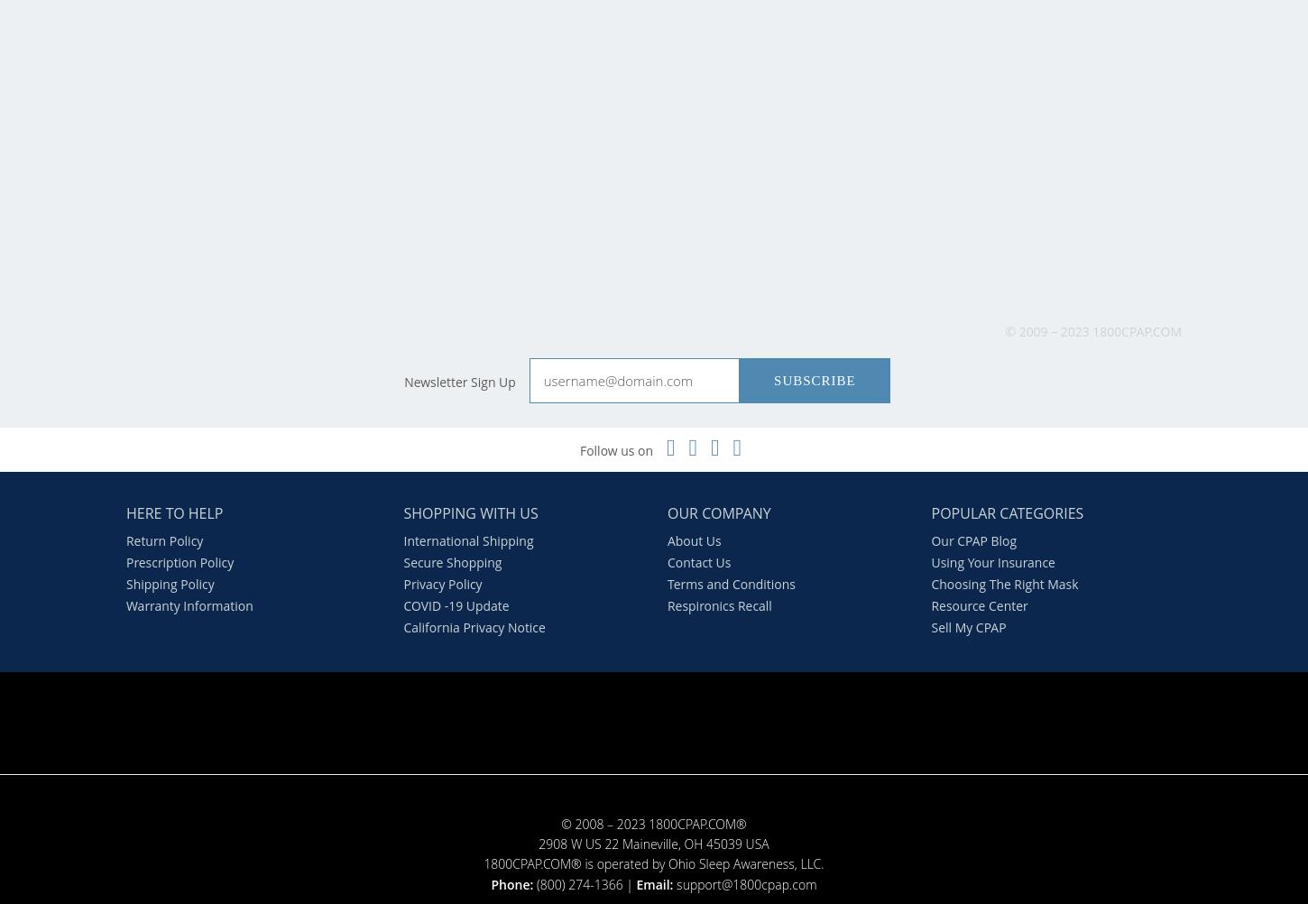 The width and height of the screenshot is (1308, 904). What do you see at coordinates (173, 512) in the screenshot?
I see `'Here to Help'` at bounding box center [173, 512].